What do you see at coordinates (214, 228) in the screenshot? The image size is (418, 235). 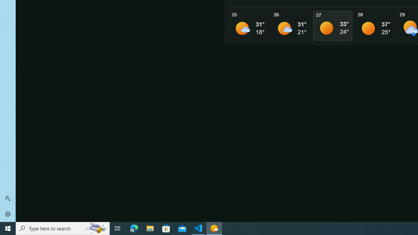 I see `'Weather - 1 running window'` at bounding box center [214, 228].